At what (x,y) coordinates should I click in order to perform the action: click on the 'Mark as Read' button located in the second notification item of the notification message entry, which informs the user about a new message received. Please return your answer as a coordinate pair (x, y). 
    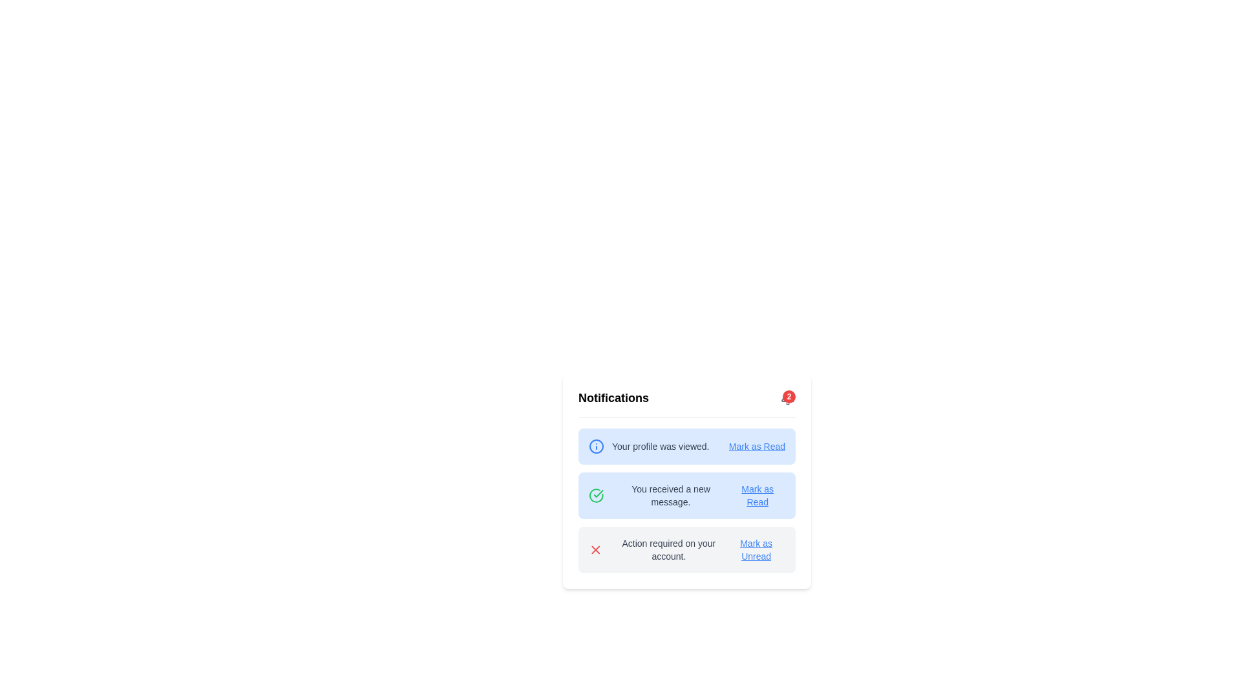
    Looking at the image, I should click on (737, 520).